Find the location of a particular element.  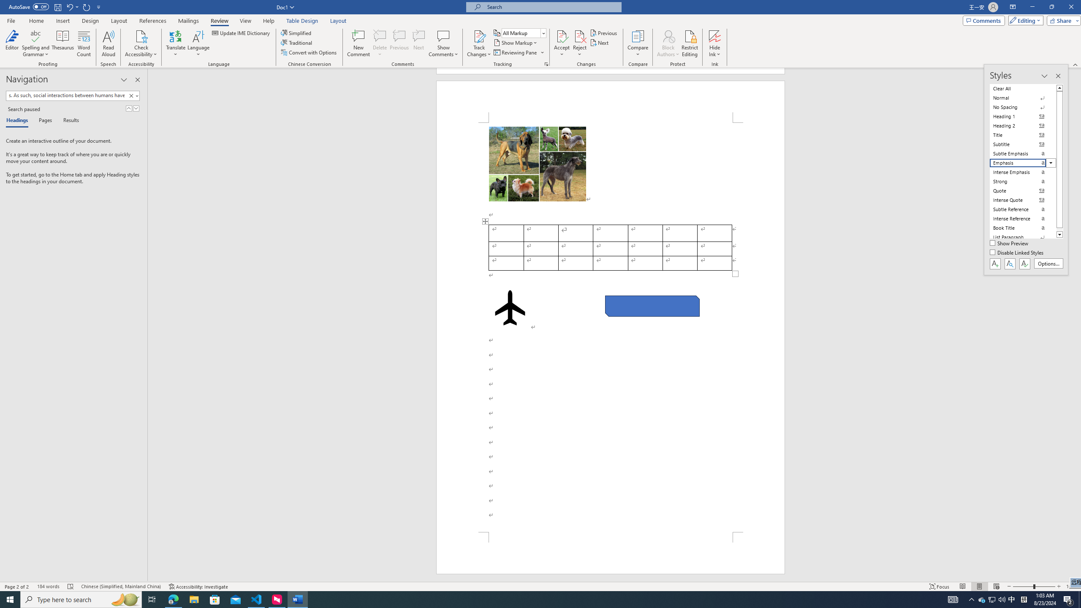

'Airplane with solid fill' is located at coordinates (509, 307).